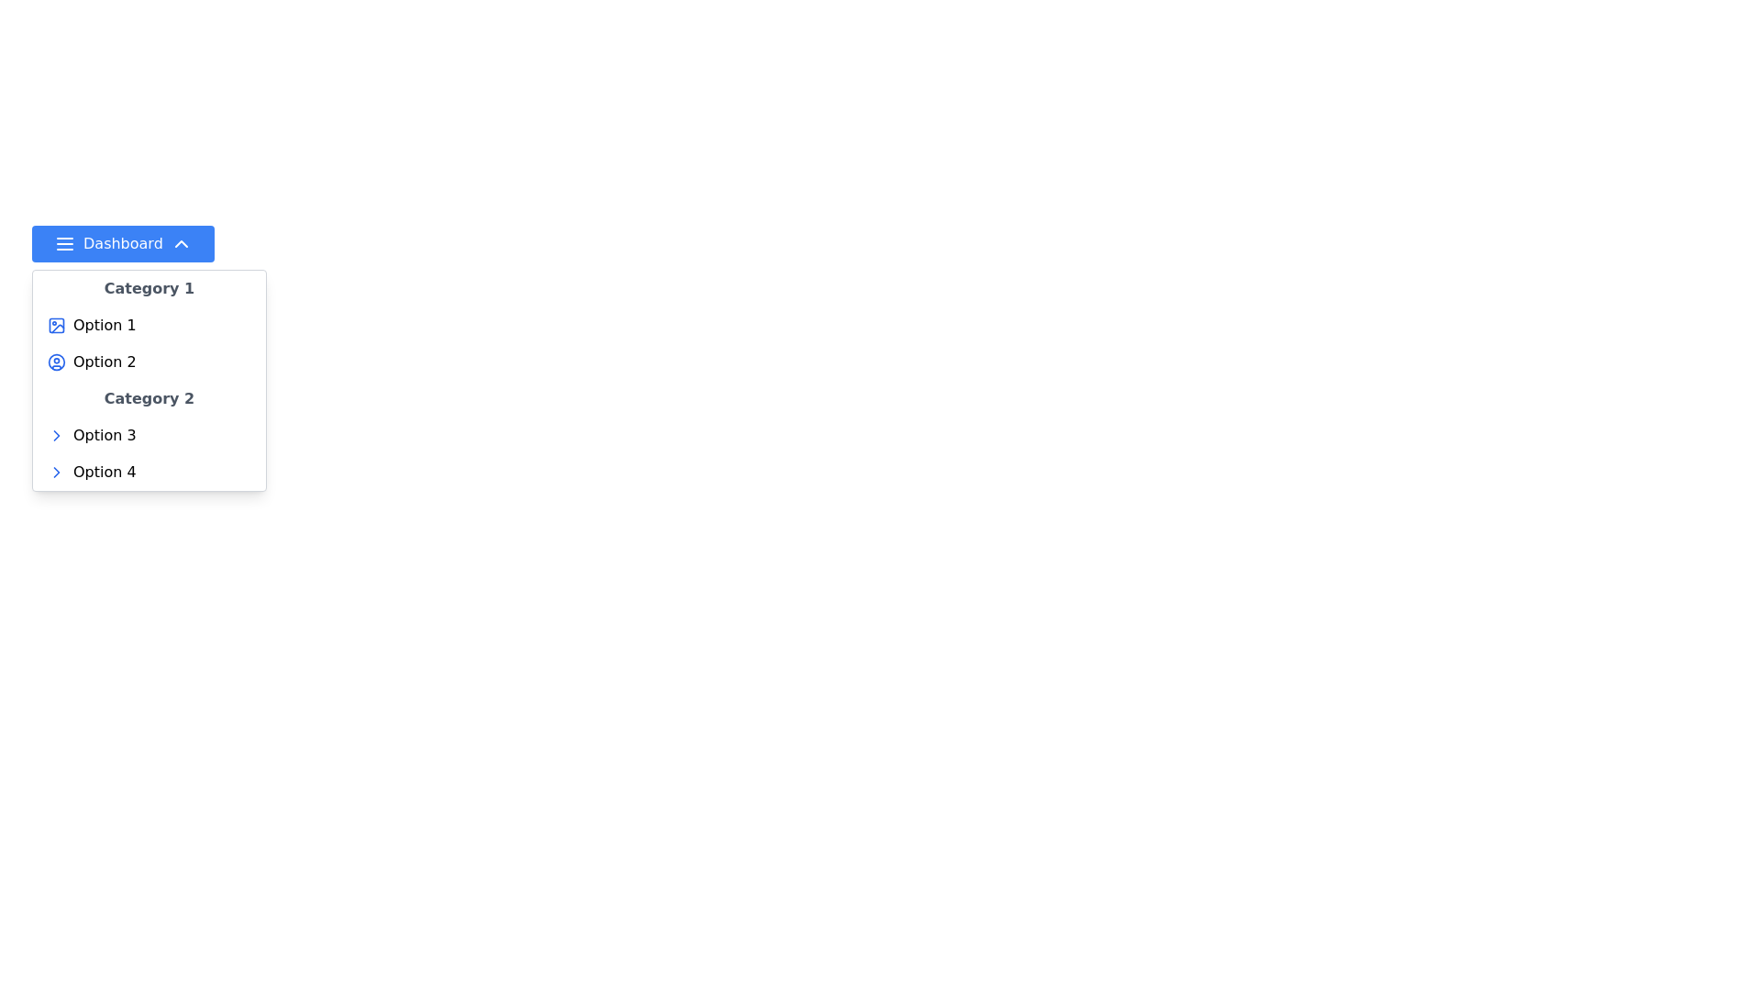 This screenshot has width=1761, height=991. I want to click on the Right Chevron icon located next to 'Option 3' in the submenu under 'Category 2' to trigger hover effects, so click(57, 472).